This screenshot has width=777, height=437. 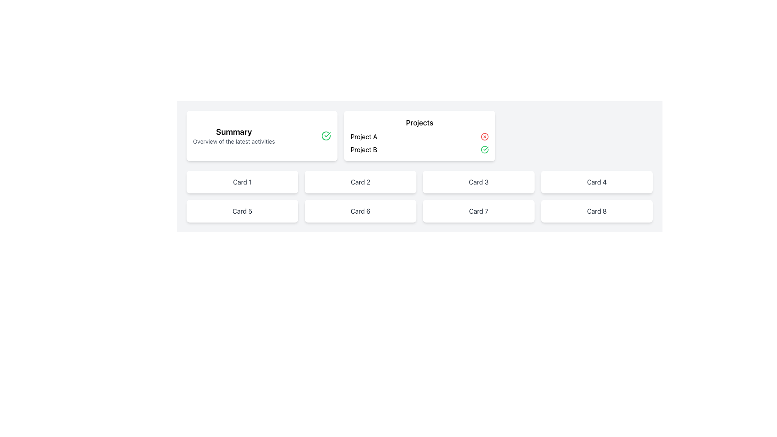 What do you see at coordinates (597, 182) in the screenshot?
I see `the text label that reads 'Card 4', styled with a gray font and part of a card in an 8-card grid layout` at bounding box center [597, 182].